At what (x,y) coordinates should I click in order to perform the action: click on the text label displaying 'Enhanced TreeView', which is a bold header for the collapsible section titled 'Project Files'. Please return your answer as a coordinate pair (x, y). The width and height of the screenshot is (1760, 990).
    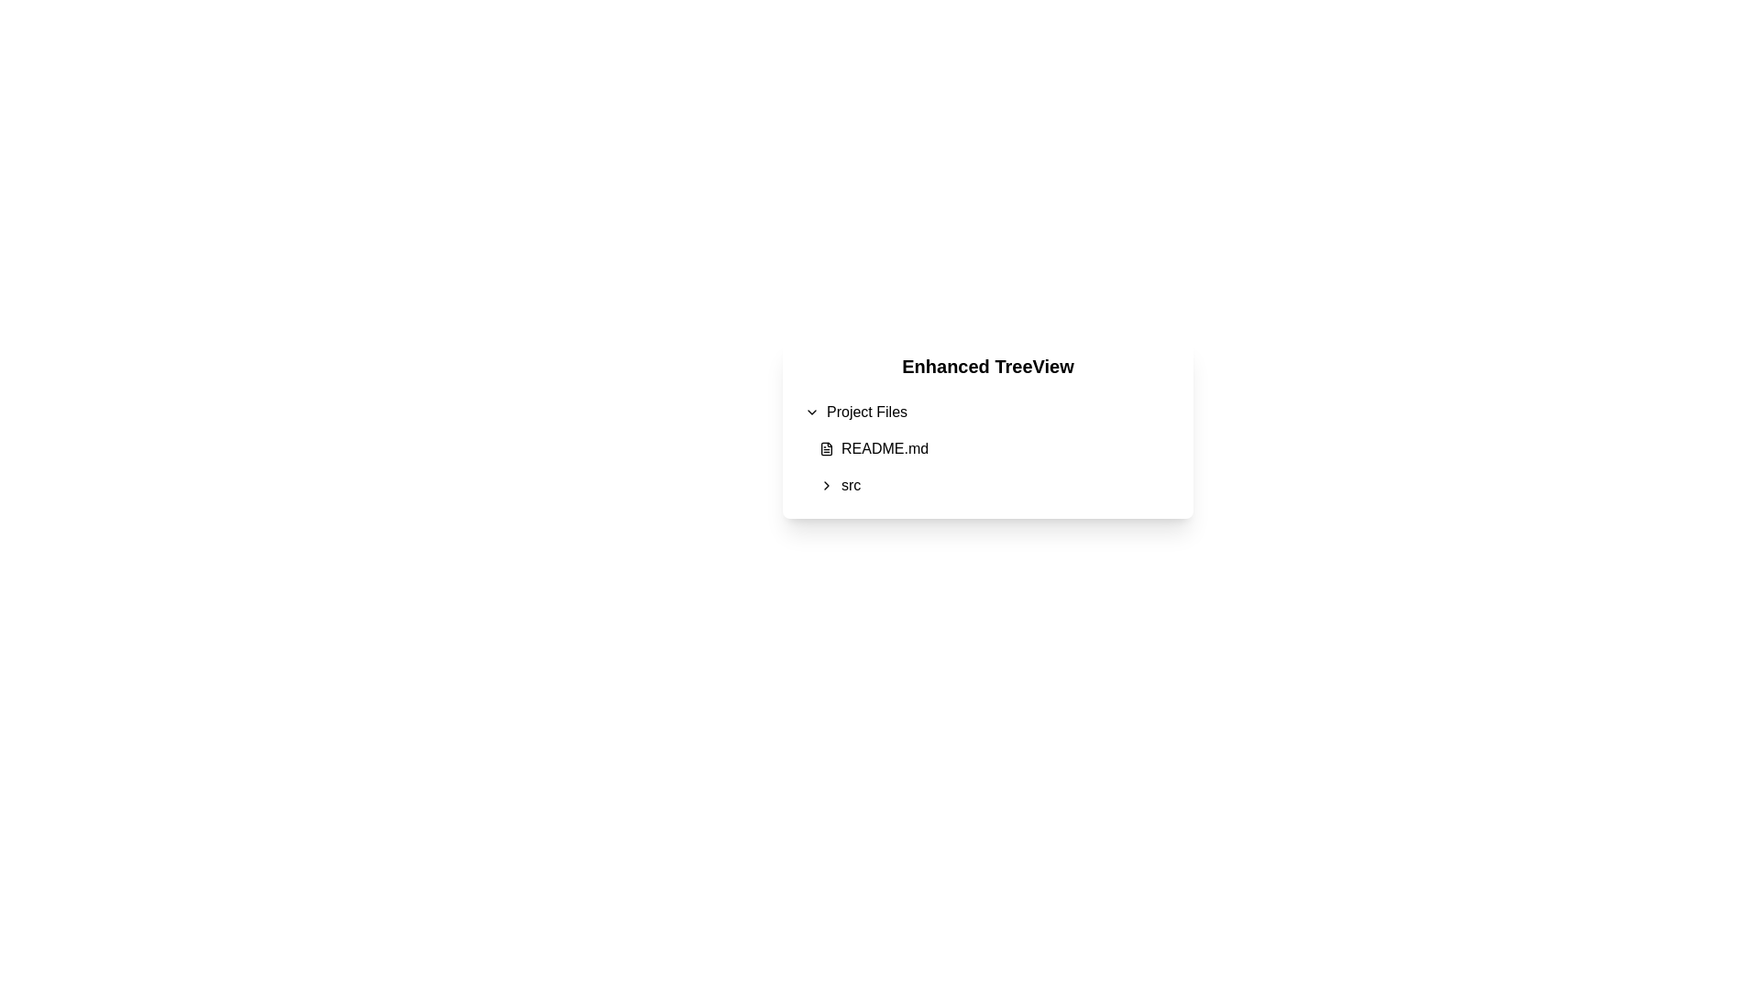
    Looking at the image, I should click on (987, 367).